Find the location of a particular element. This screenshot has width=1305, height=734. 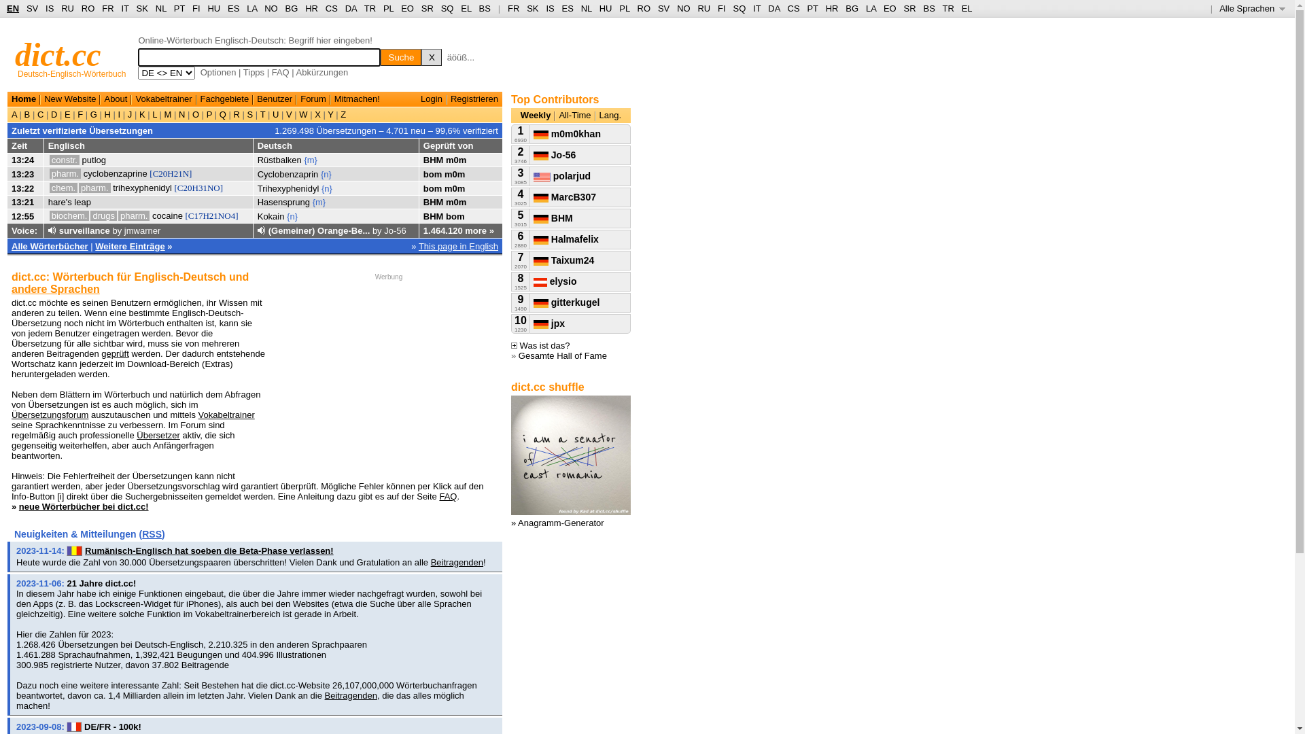

'13:23' is located at coordinates (22, 173).